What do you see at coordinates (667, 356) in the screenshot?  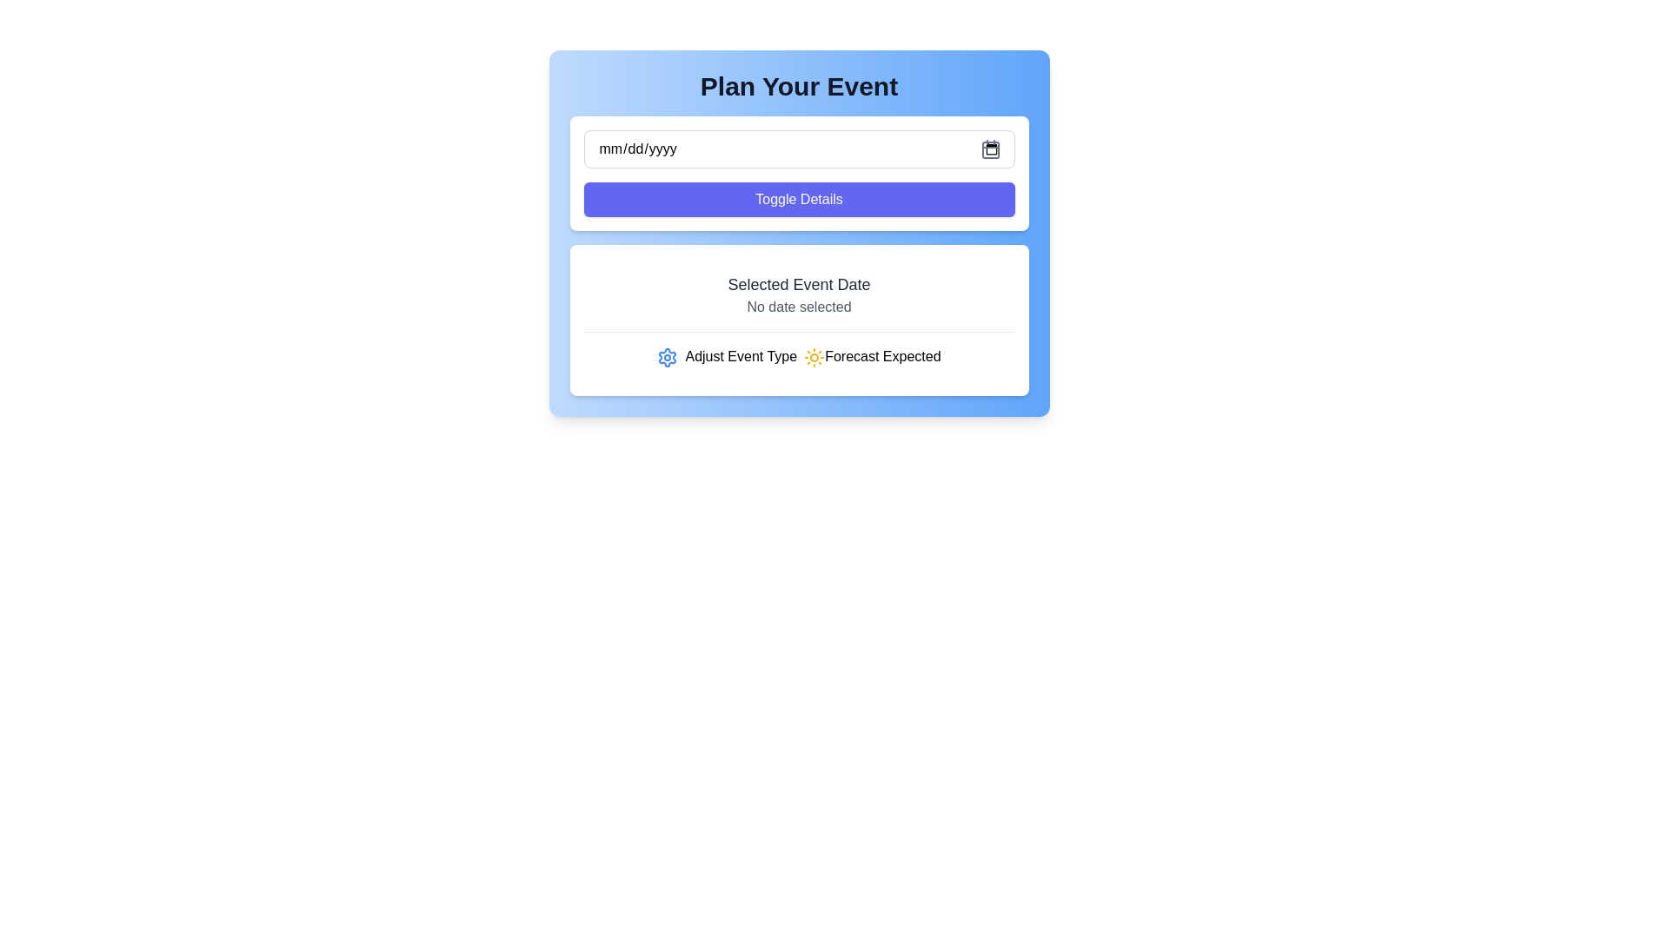 I see `the blue gear-shaped icon used for adjusting settings or configurations for accessibility navigation` at bounding box center [667, 356].